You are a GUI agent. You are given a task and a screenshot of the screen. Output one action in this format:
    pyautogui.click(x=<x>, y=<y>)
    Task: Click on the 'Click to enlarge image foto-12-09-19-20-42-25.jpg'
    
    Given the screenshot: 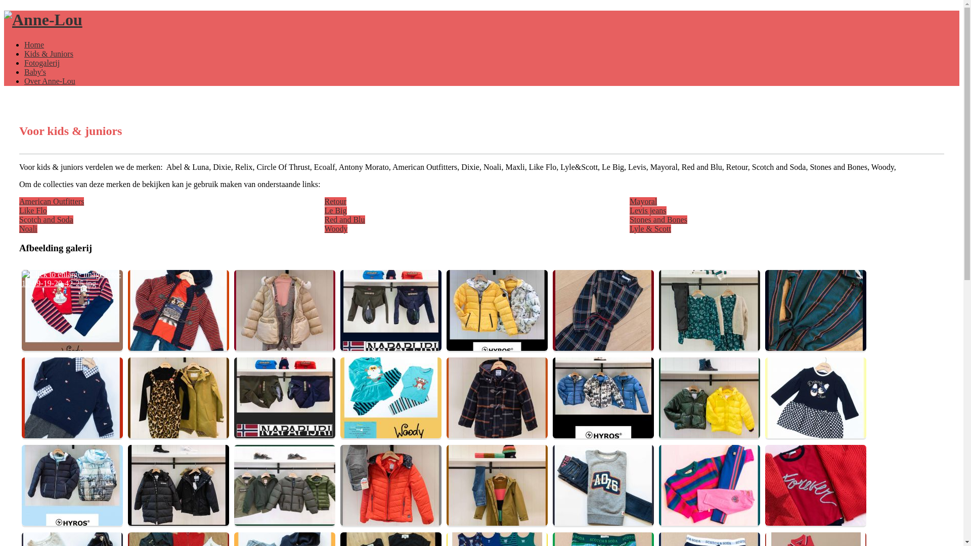 What is the action you would take?
    pyautogui.click(x=72, y=309)
    